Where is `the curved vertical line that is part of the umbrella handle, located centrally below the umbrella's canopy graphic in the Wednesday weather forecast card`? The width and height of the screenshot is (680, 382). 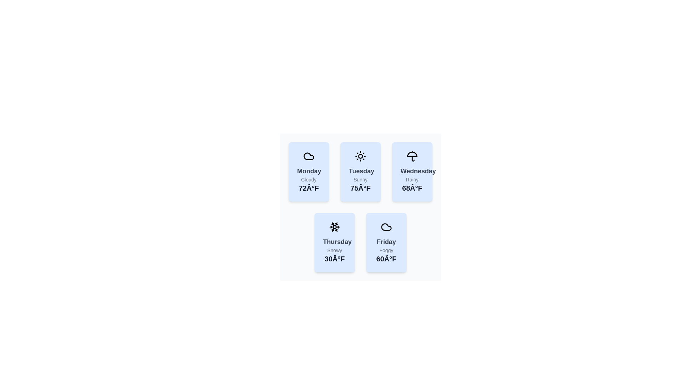 the curved vertical line that is part of the umbrella handle, located centrally below the umbrella's canopy graphic in the Wednesday weather forecast card is located at coordinates (413, 158).